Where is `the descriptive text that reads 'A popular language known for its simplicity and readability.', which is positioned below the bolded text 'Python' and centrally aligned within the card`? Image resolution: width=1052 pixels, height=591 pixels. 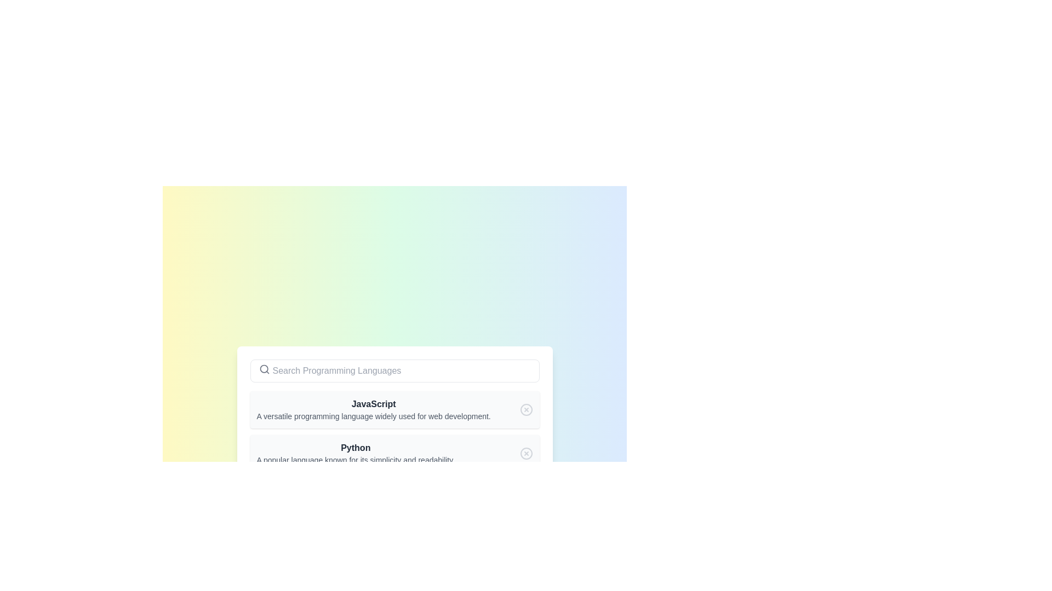 the descriptive text that reads 'A popular language known for its simplicity and readability.', which is positioned below the bolded text 'Python' and centrally aligned within the card is located at coordinates (356, 460).